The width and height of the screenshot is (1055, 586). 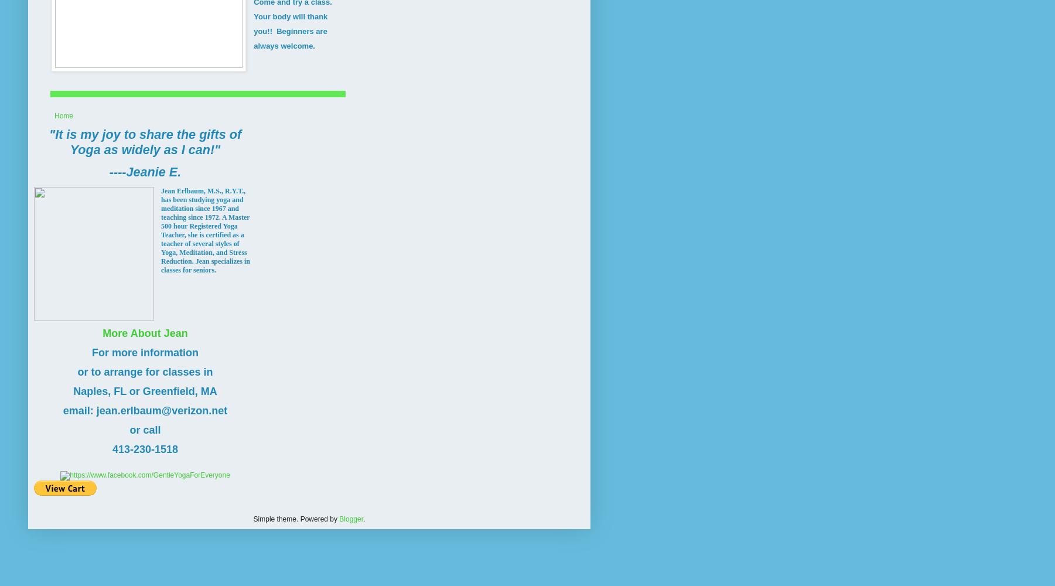 What do you see at coordinates (296, 519) in the screenshot?
I see `'Simple theme. Powered by'` at bounding box center [296, 519].